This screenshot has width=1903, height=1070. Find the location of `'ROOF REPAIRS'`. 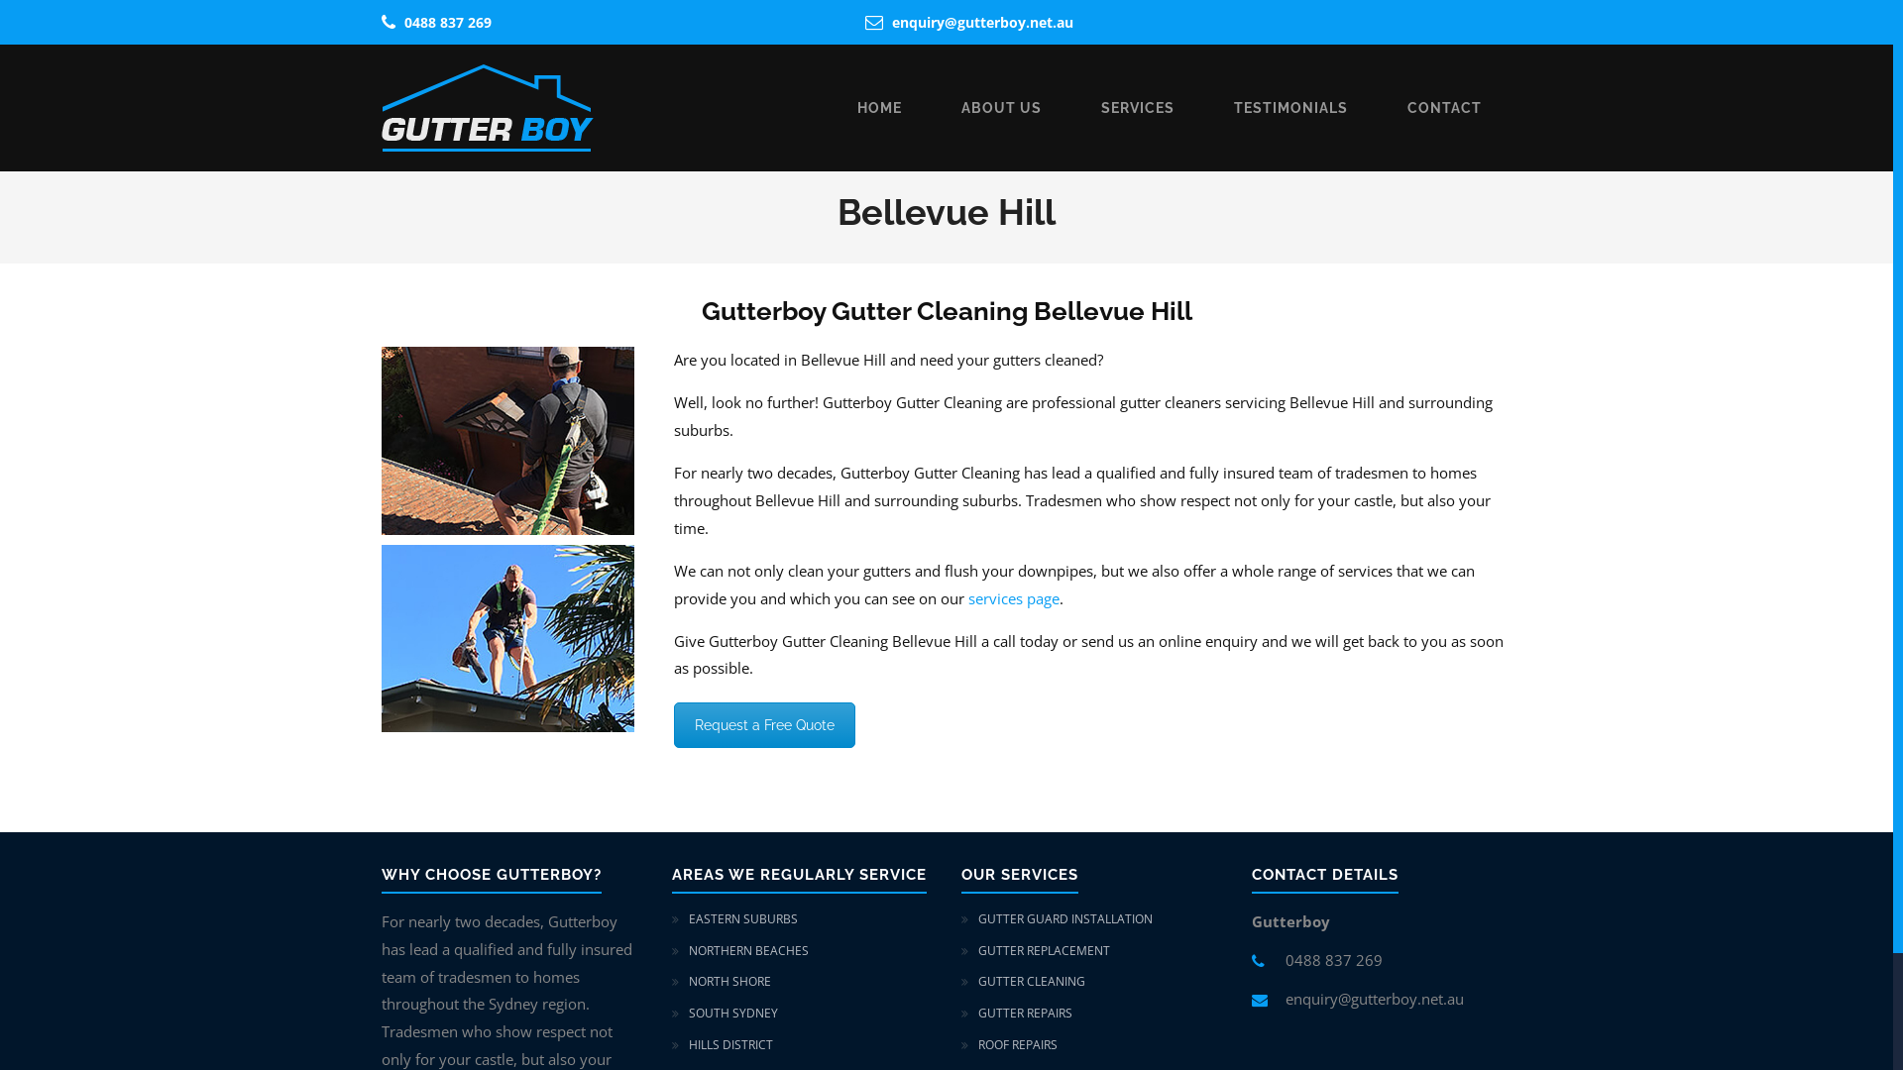

'ROOF REPAIRS' is located at coordinates (1018, 1043).